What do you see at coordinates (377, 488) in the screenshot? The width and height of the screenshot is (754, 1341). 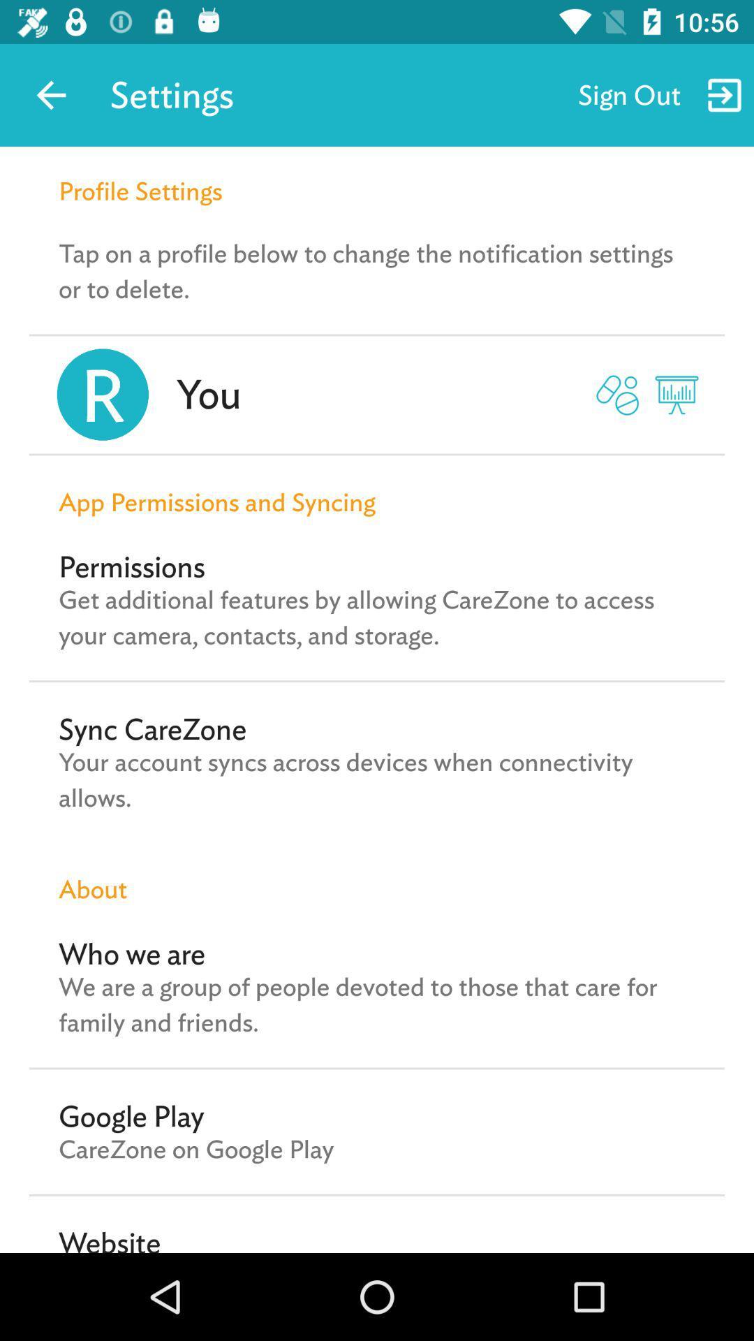 I see `app permissions and icon` at bounding box center [377, 488].